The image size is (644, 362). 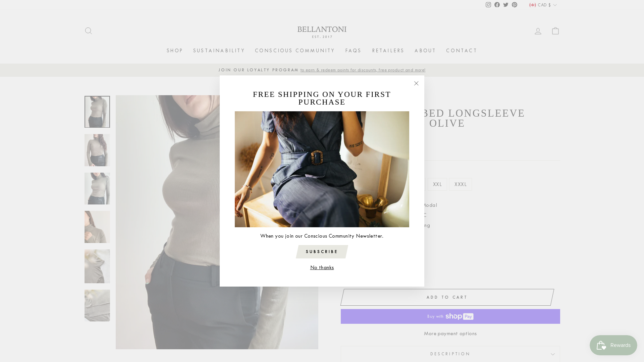 What do you see at coordinates (299, 252) in the screenshot?
I see `'SUBSCRIBE'` at bounding box center [299, 252].